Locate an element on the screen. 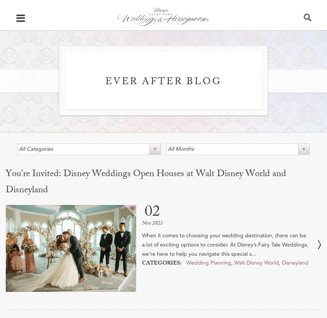 The image size is (327, 318). 'Walt Disney World' is located at coordinates (234, 262).